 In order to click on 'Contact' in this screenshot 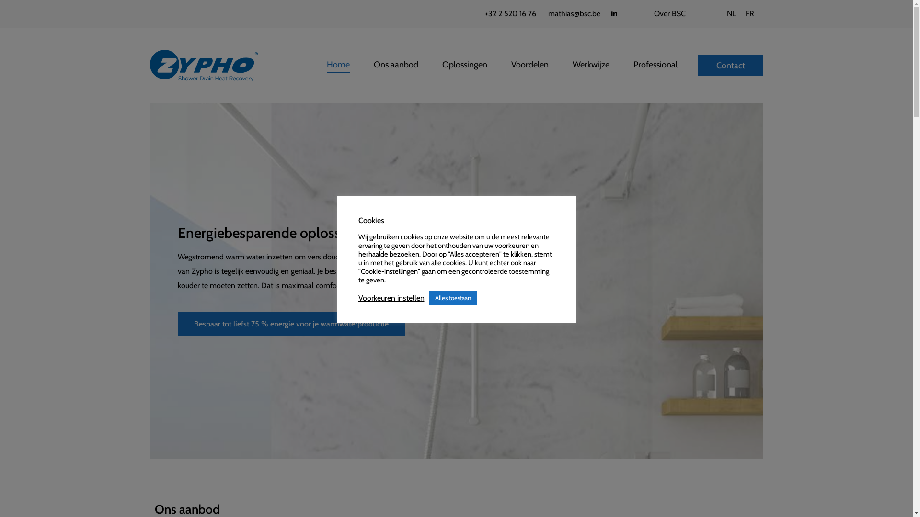, I will do `click(697, 65)`.